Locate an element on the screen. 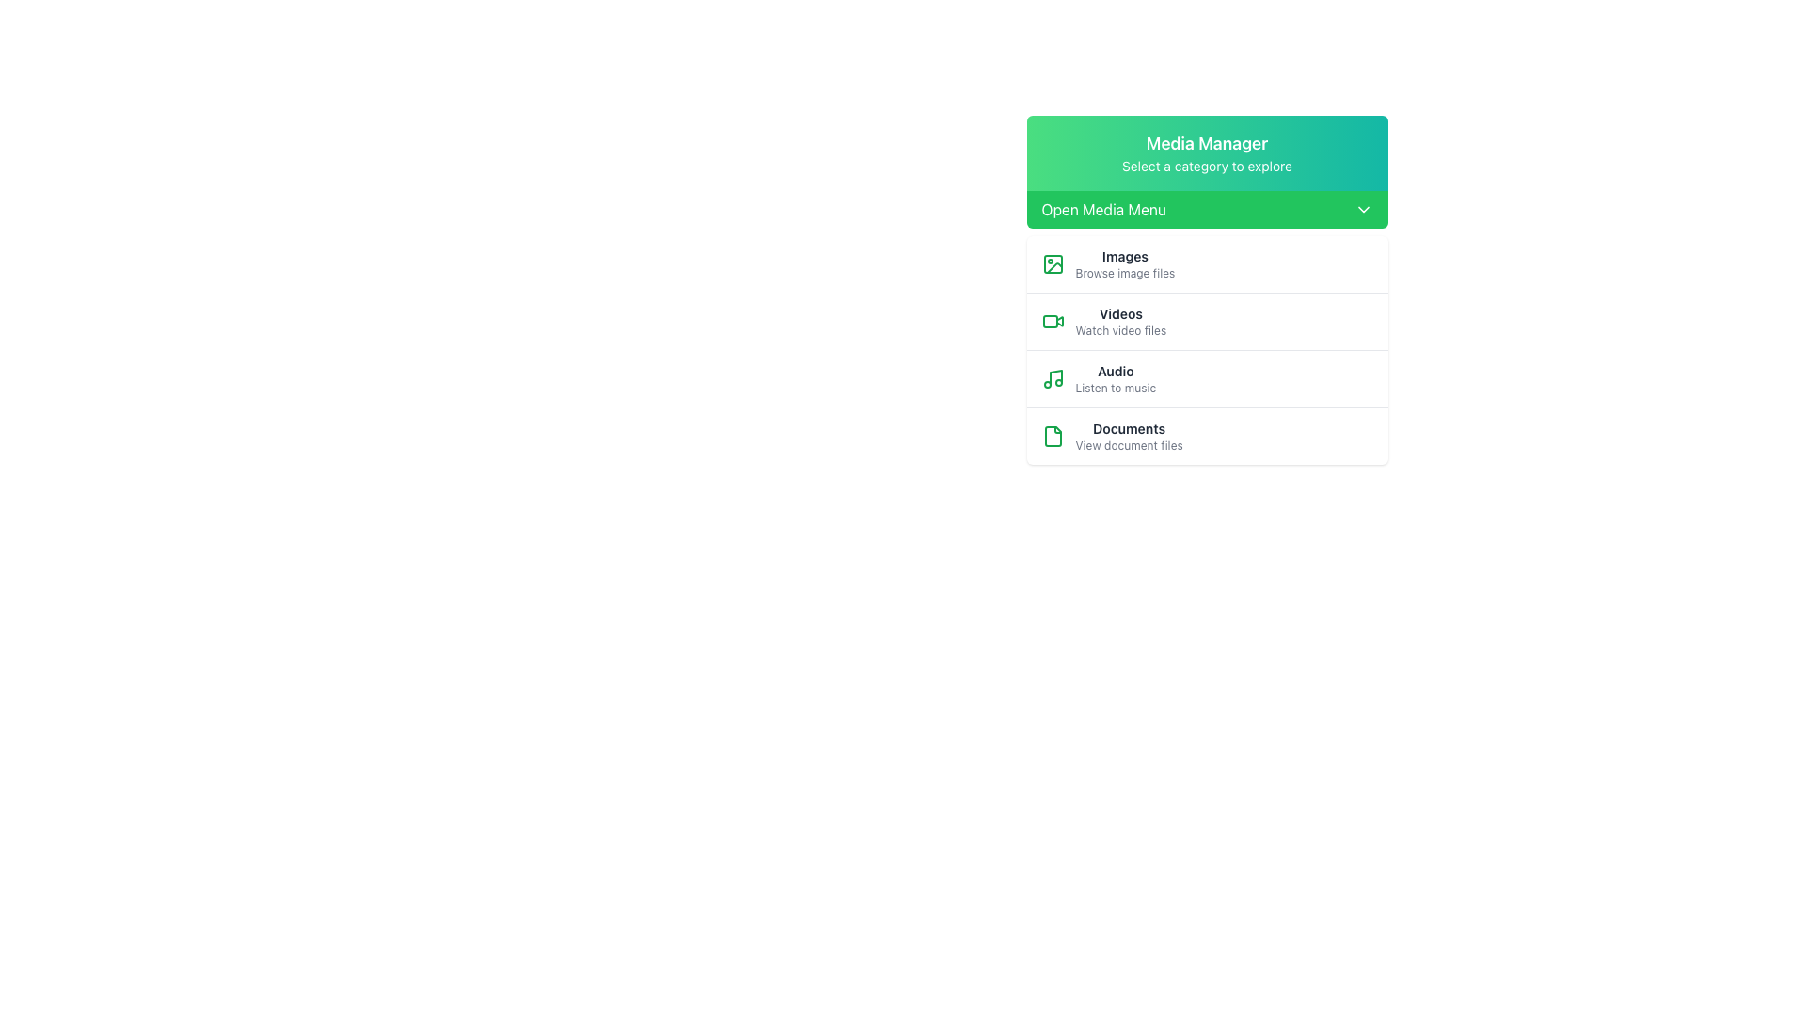 This screenshot has height=1016, width=1806. the static text label that represents the image-related section, which is the first item in a sequence of labeled blocks in the navigation is located at coordinates (1125, 257).